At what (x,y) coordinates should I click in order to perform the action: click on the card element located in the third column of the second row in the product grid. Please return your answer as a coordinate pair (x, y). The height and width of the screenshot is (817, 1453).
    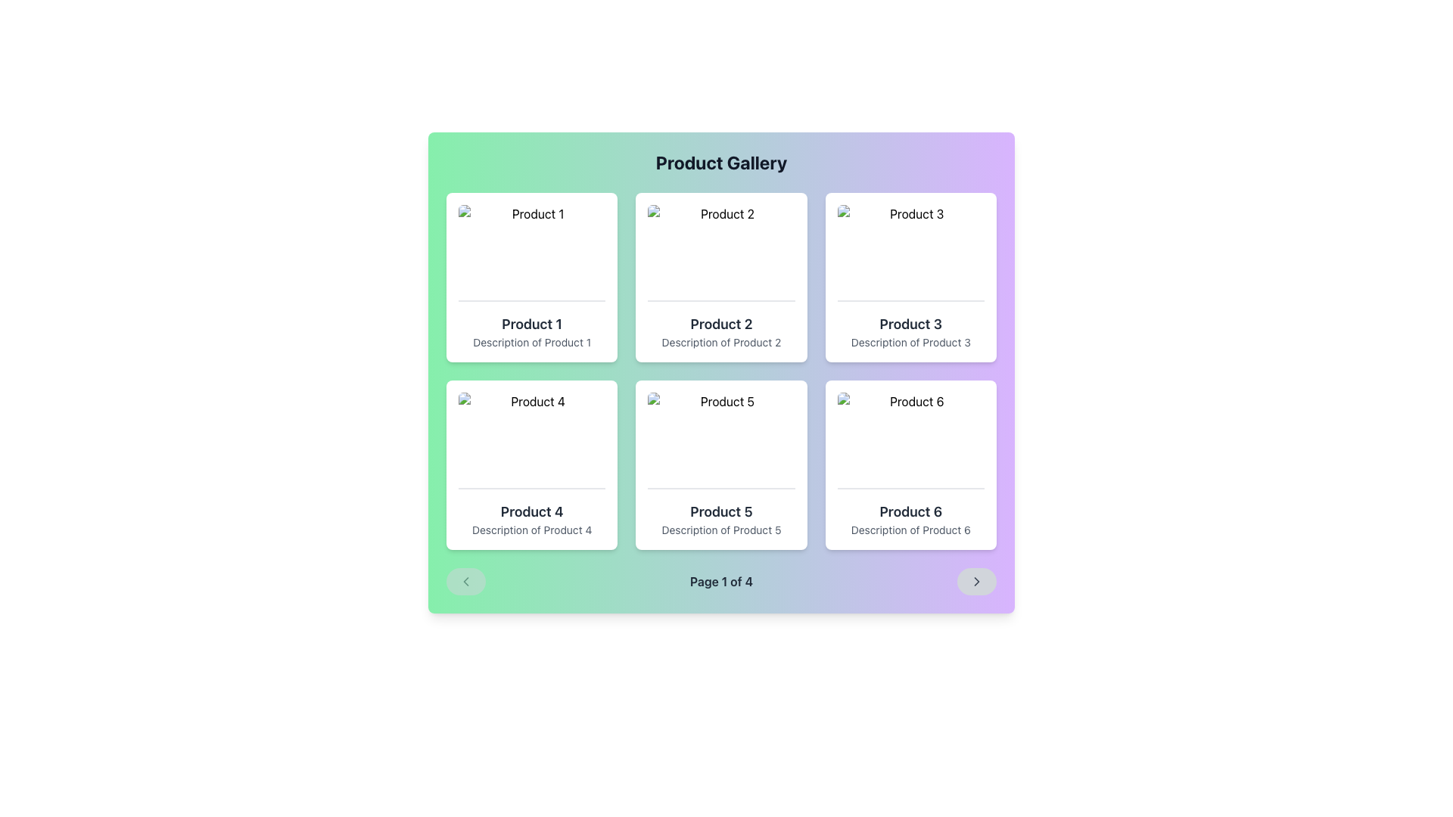
    Looking at the image, I should click on (910, 464).